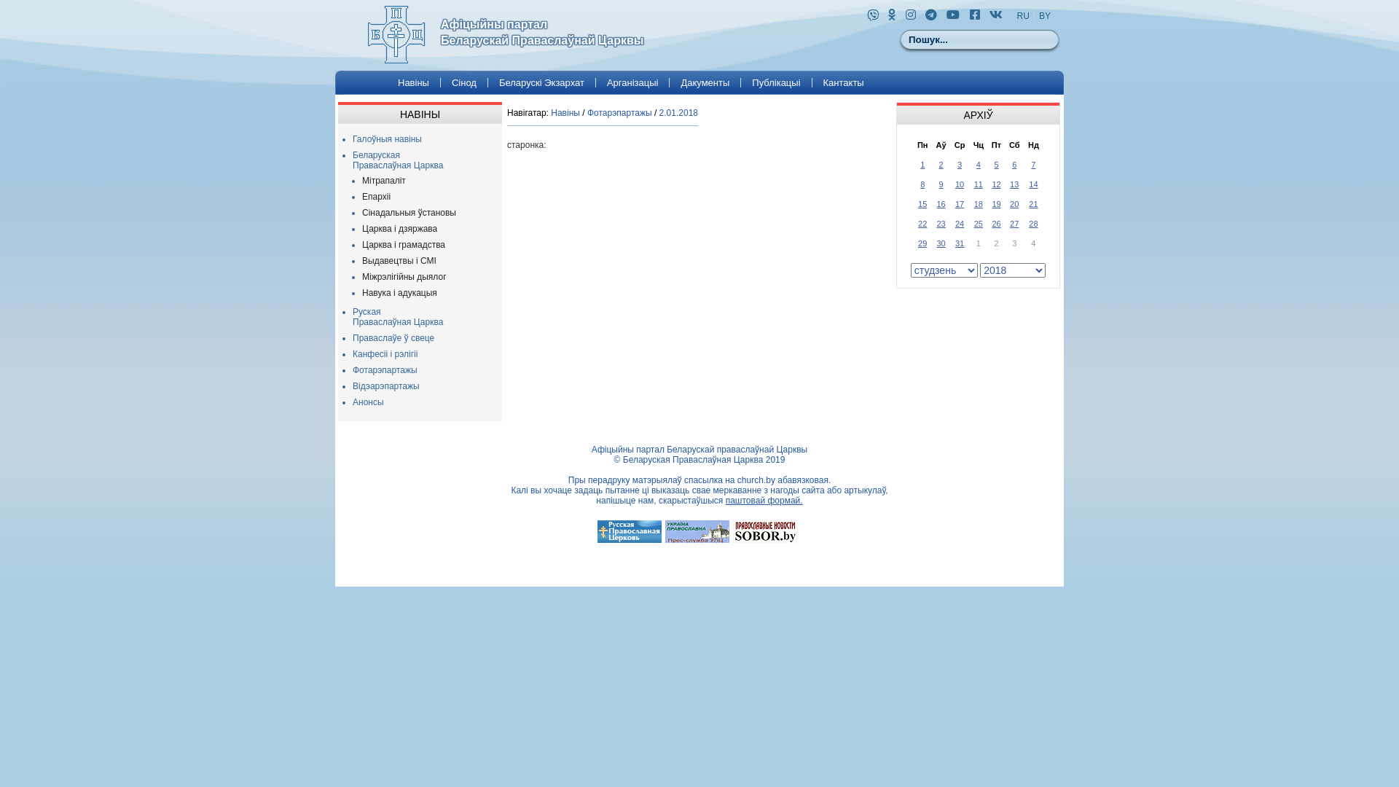 Image resolution: width=1399 pixels, height=787 pixels. Describe the element at coordinates (1032, 164) in the screenshot. I see `'7'` at that location.